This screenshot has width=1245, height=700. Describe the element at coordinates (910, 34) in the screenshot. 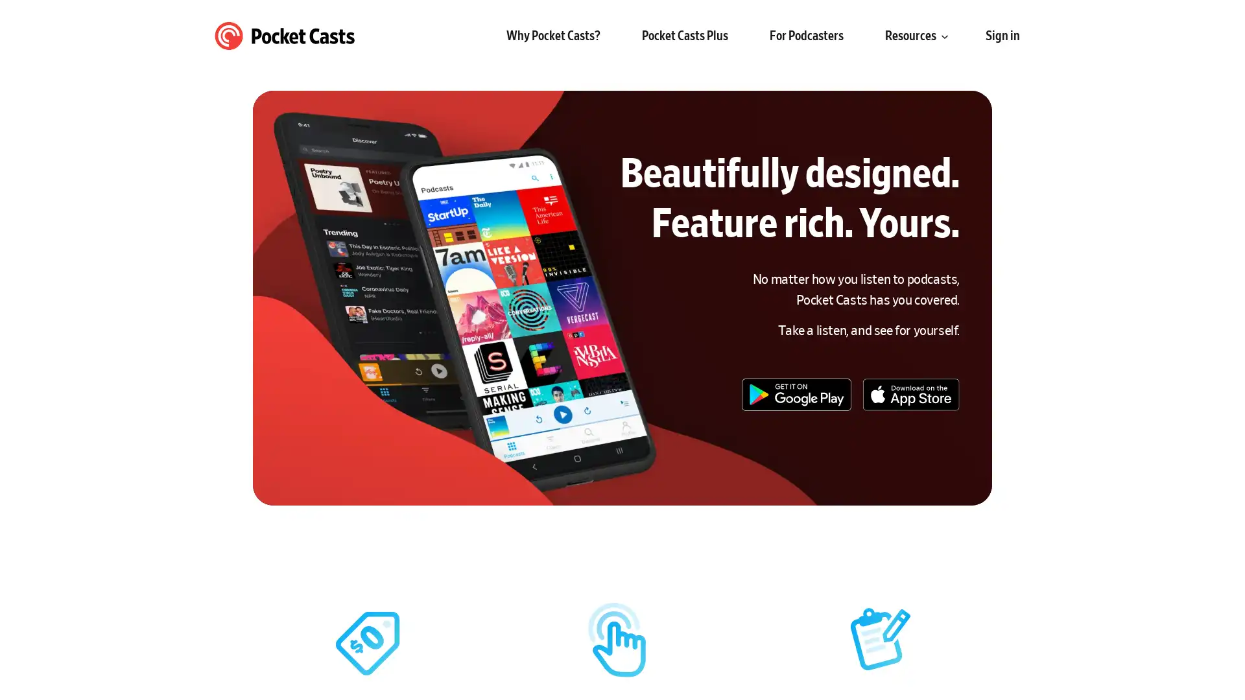

I see `Resources submenu` at that location.